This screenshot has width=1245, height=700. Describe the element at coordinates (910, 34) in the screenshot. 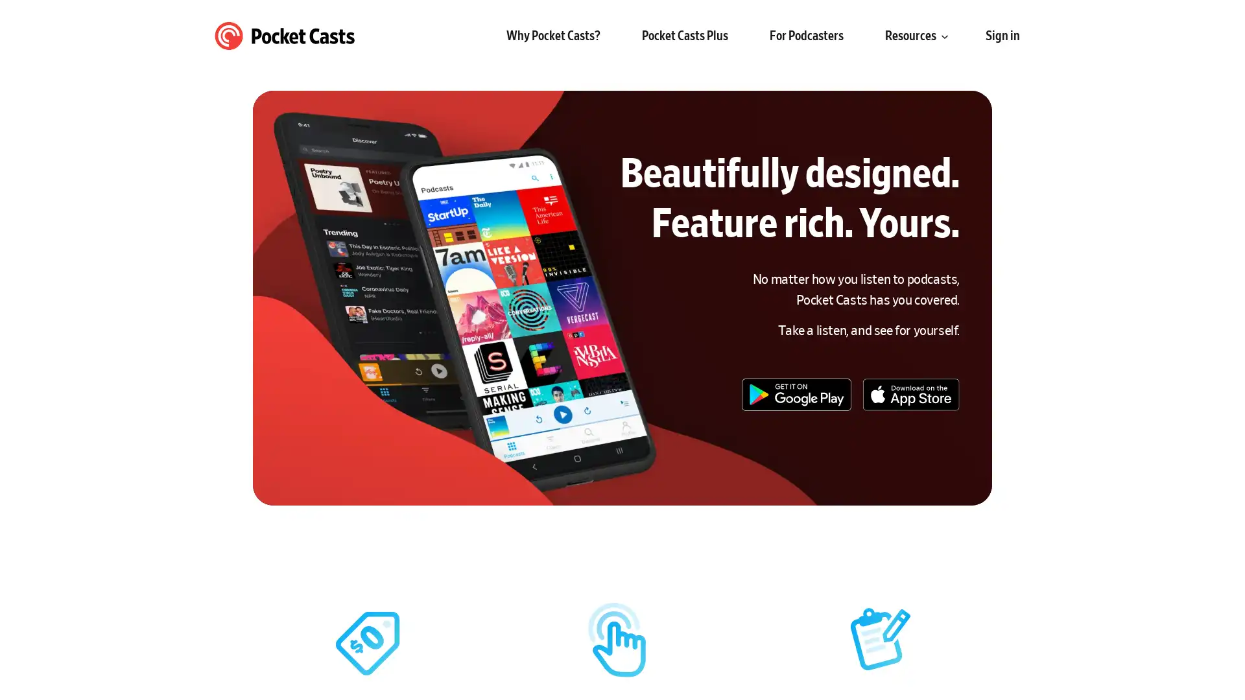

I see `Resources submenu` at that location.